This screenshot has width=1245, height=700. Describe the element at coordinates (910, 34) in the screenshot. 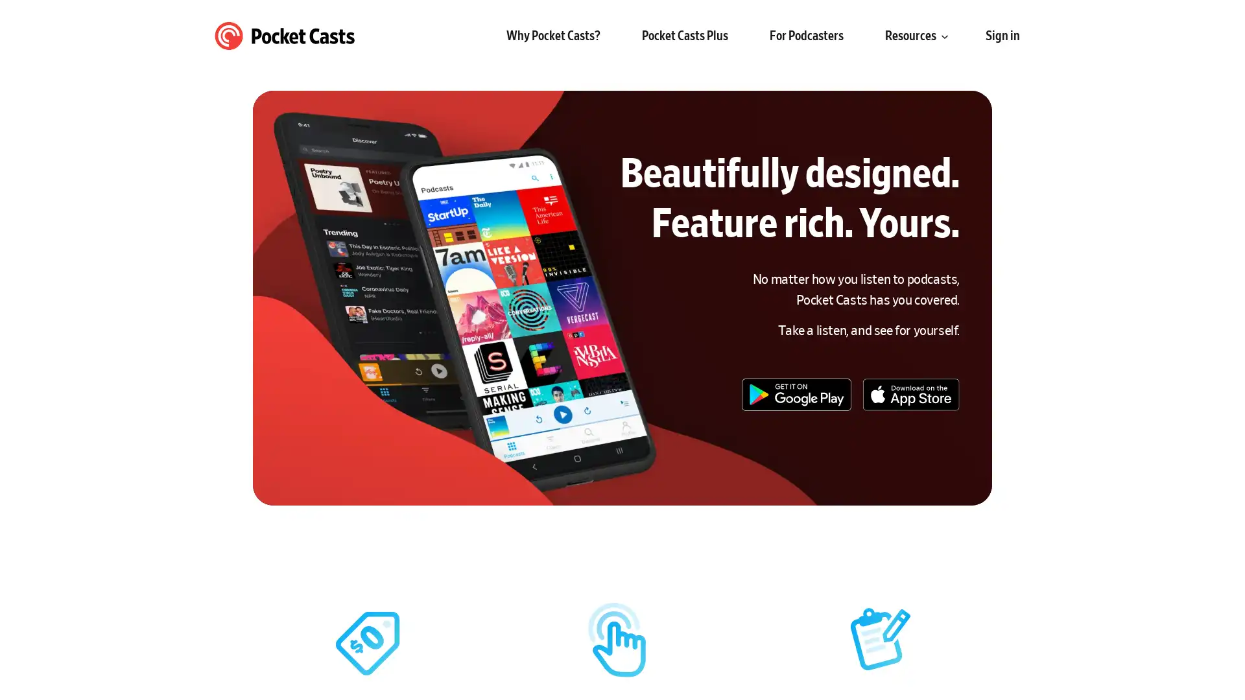

I see `Resources submenu` at that location.